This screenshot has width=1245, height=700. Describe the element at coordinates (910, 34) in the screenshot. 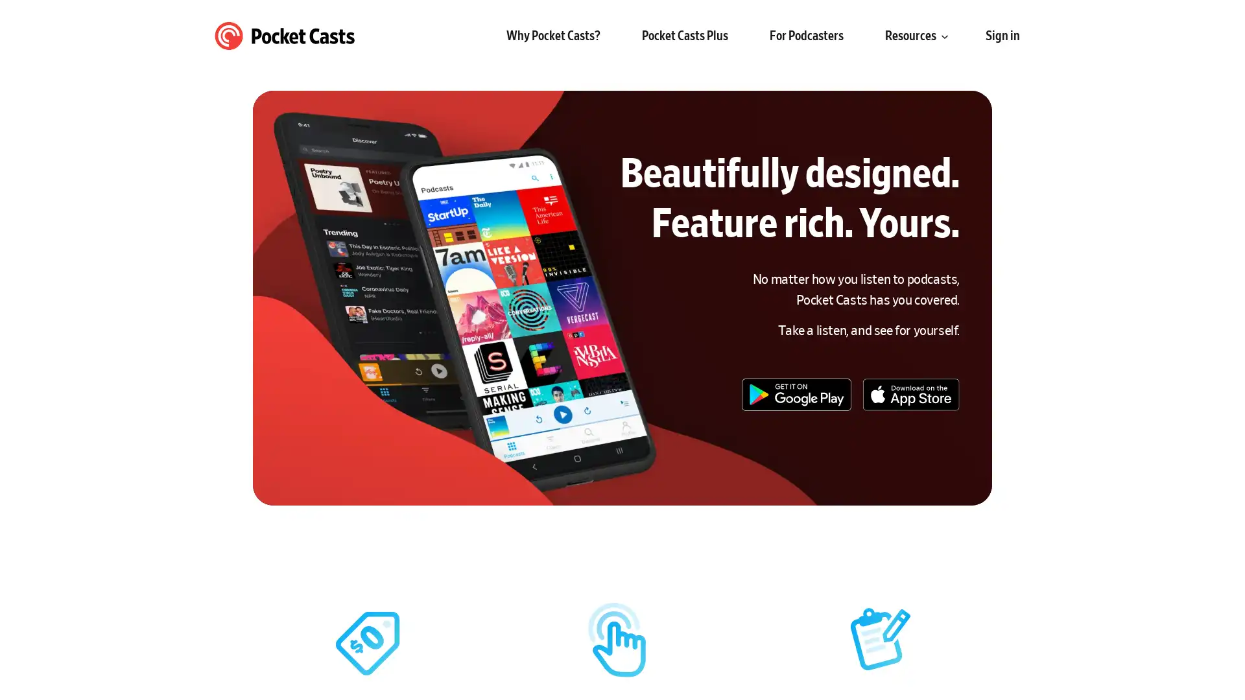

I see `Resources submenu` at that location.